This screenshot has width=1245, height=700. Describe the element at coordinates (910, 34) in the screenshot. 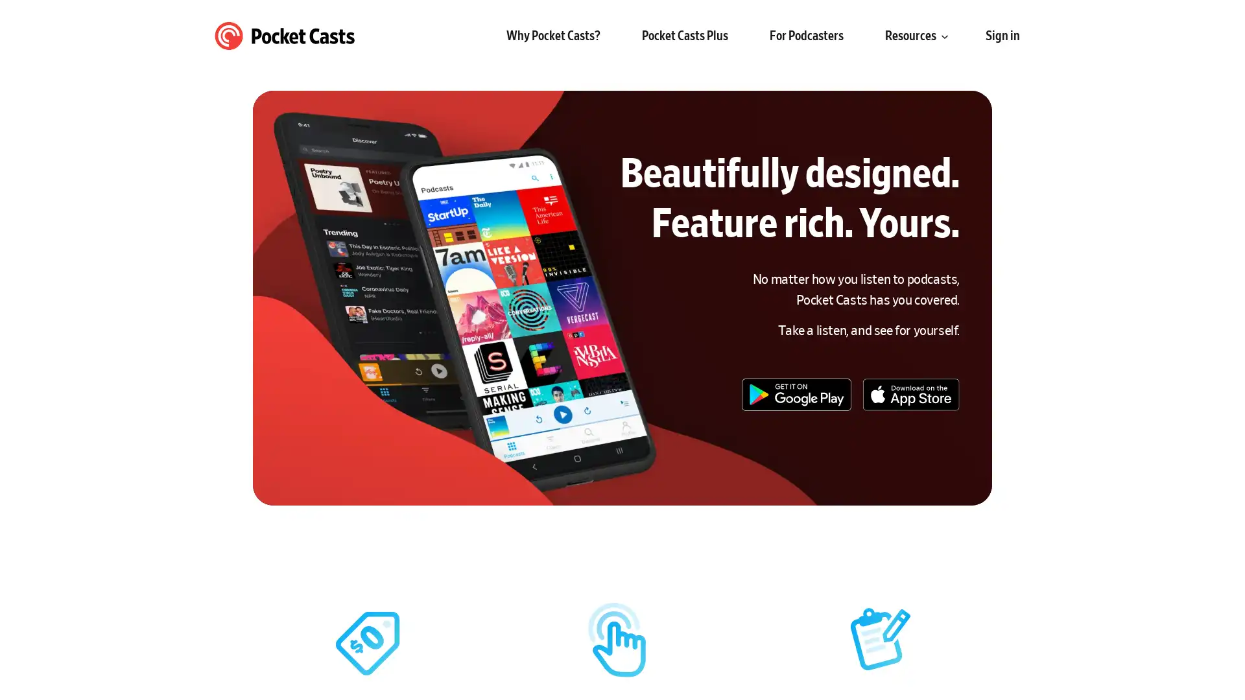

I see `Resources submenu` at that location.